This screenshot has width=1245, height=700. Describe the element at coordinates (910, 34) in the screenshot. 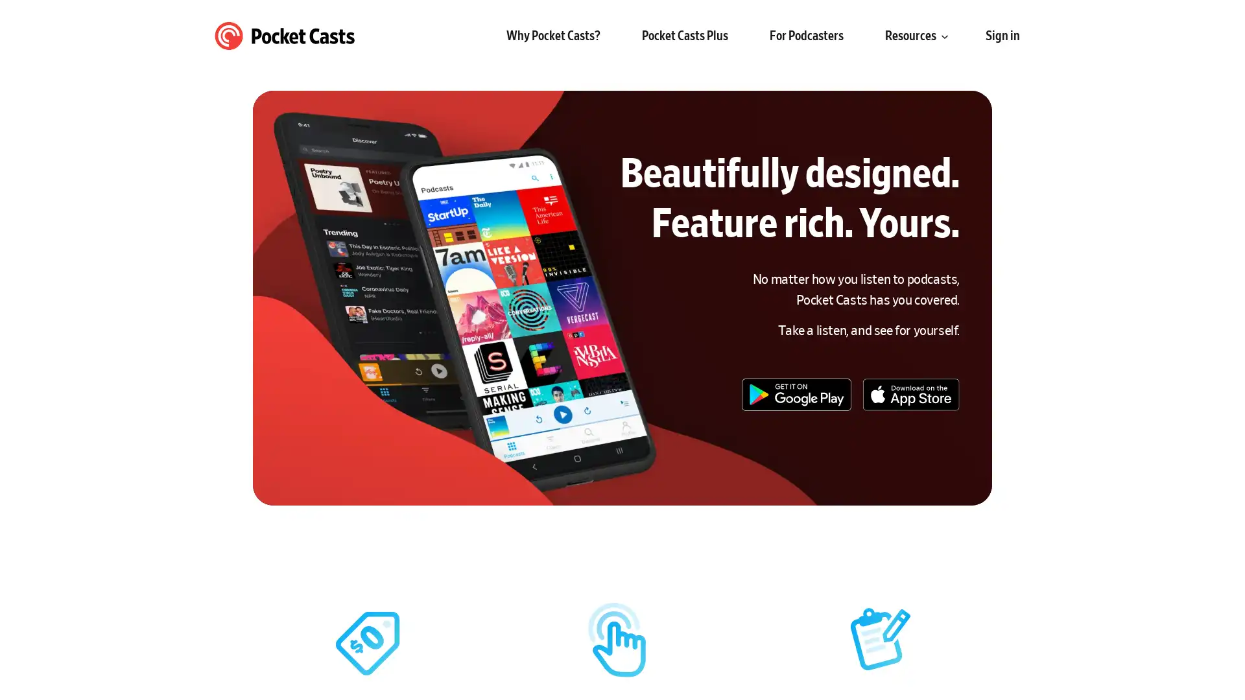

I see `Resources submenu` at that location.